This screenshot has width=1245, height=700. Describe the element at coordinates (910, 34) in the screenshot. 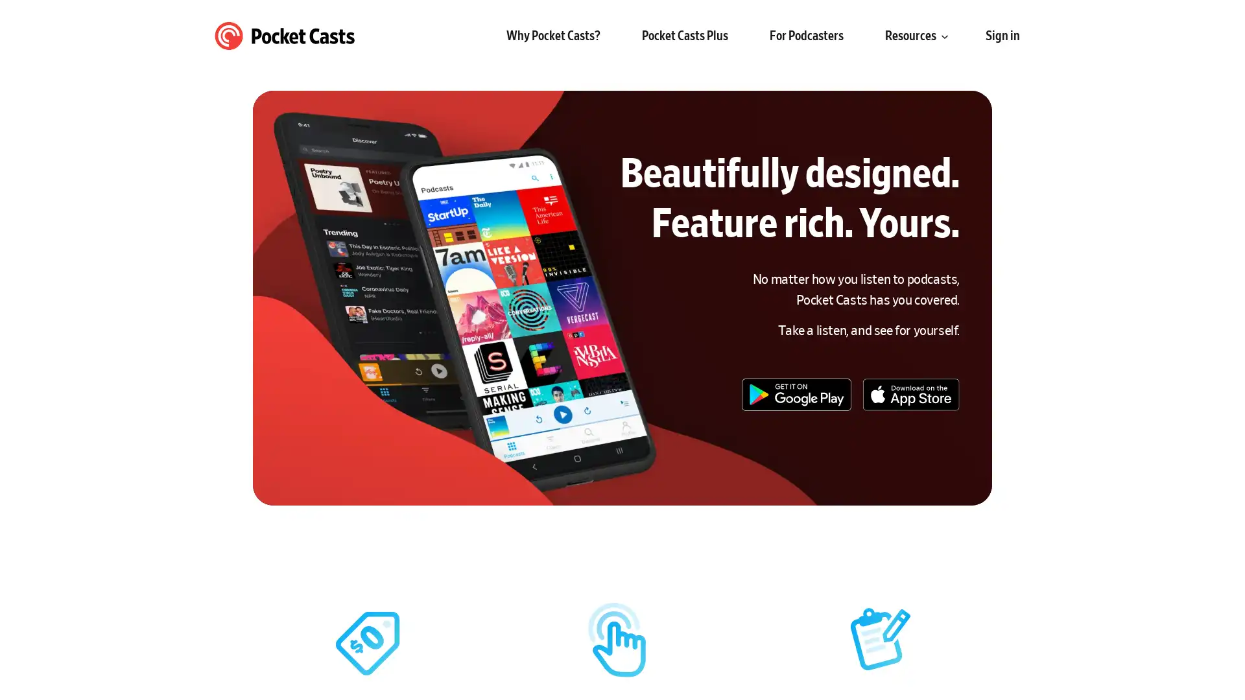

I see `Resources submenu` at that location.